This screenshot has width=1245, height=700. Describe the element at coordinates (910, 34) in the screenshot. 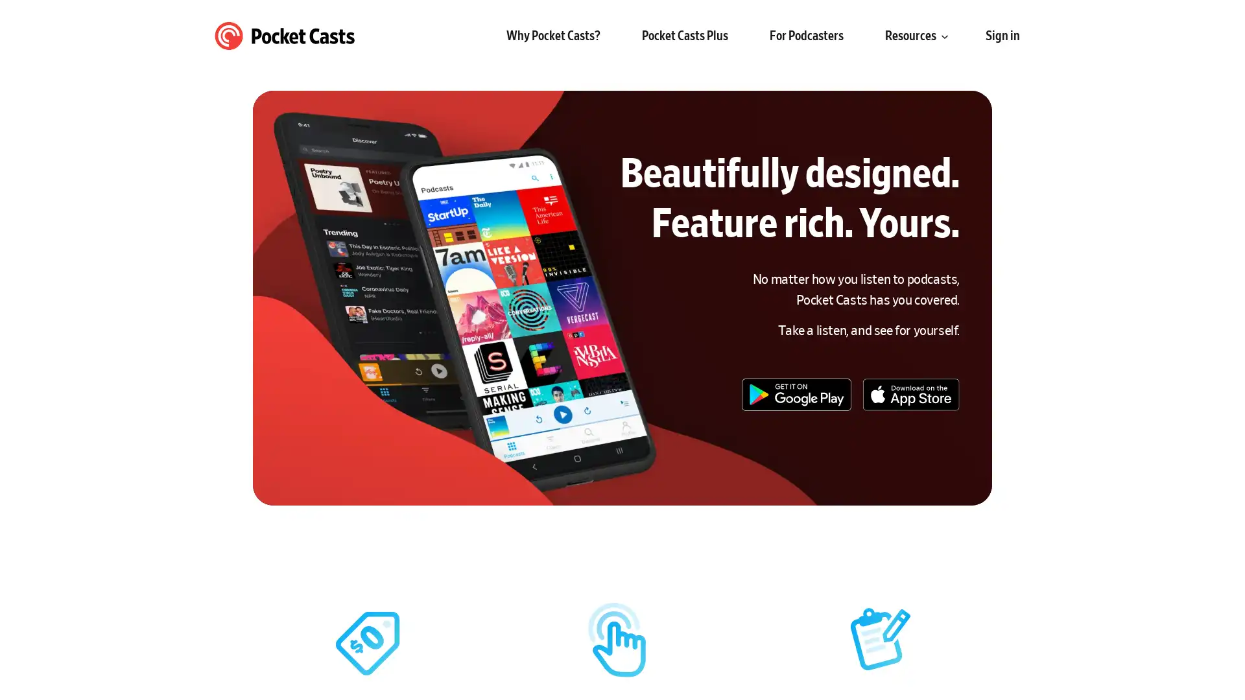

I see `Resources submenu` at that location.